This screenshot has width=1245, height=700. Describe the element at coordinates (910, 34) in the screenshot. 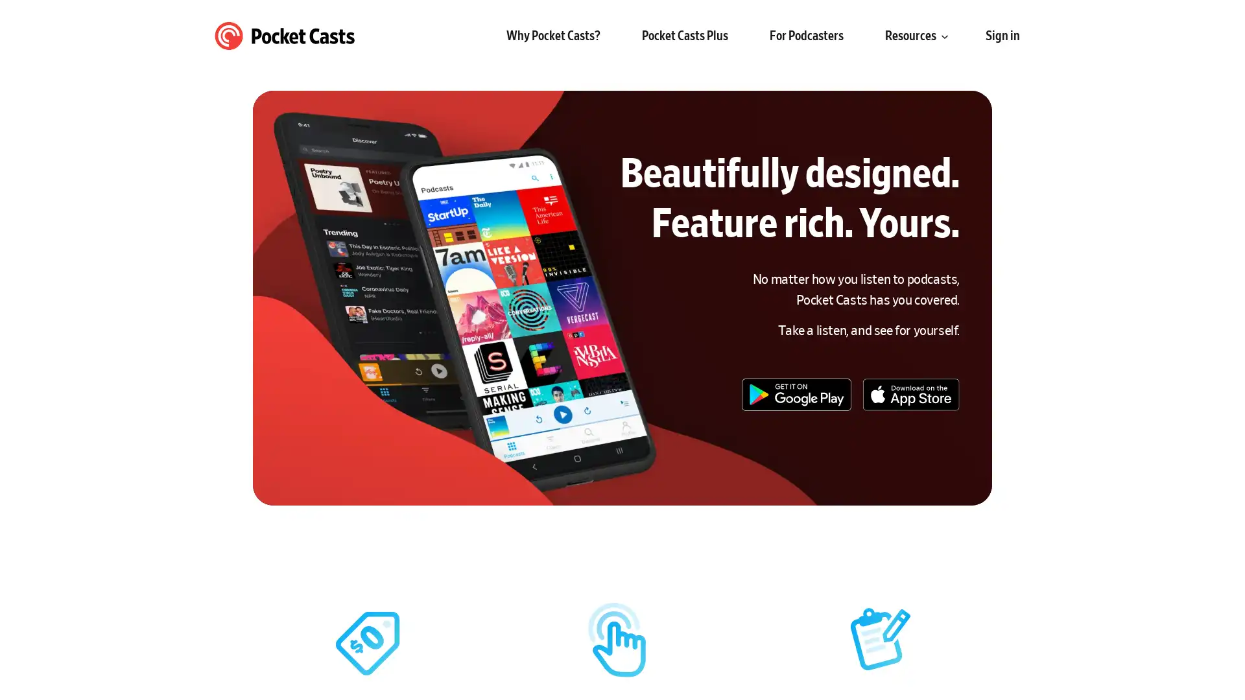

I see `Resources submenu` at that location.